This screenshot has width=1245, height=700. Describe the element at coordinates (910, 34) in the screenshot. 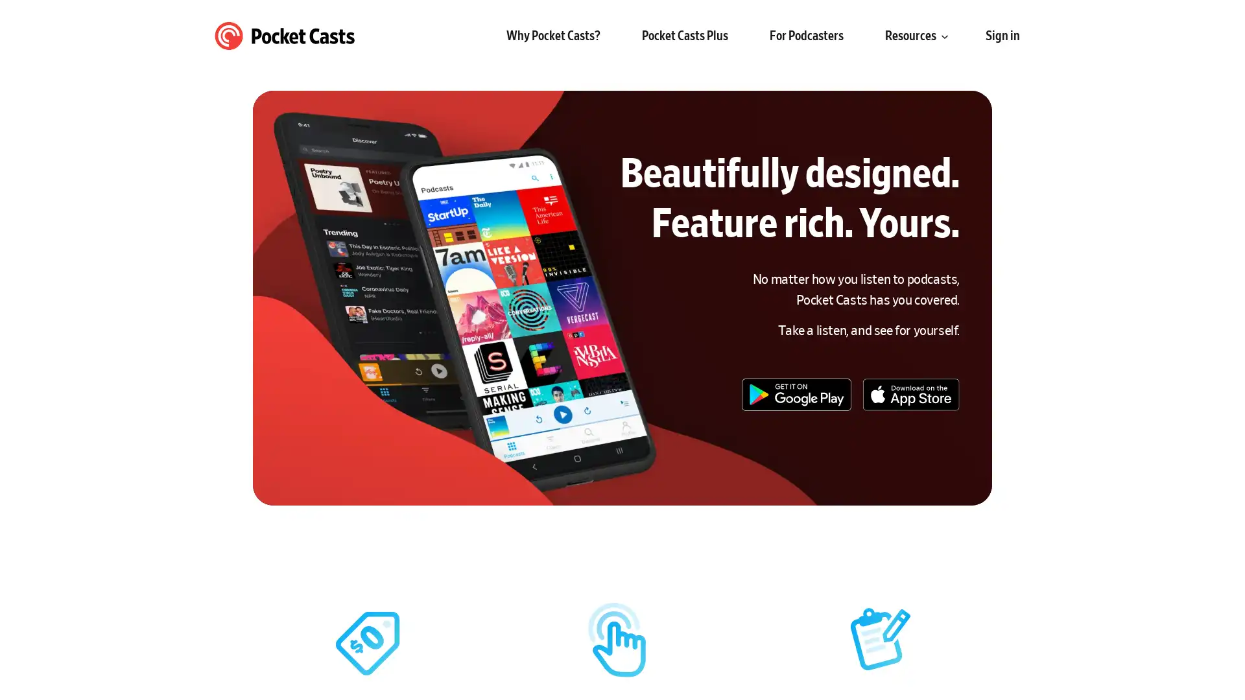

I see `Resources submenu` at that location.